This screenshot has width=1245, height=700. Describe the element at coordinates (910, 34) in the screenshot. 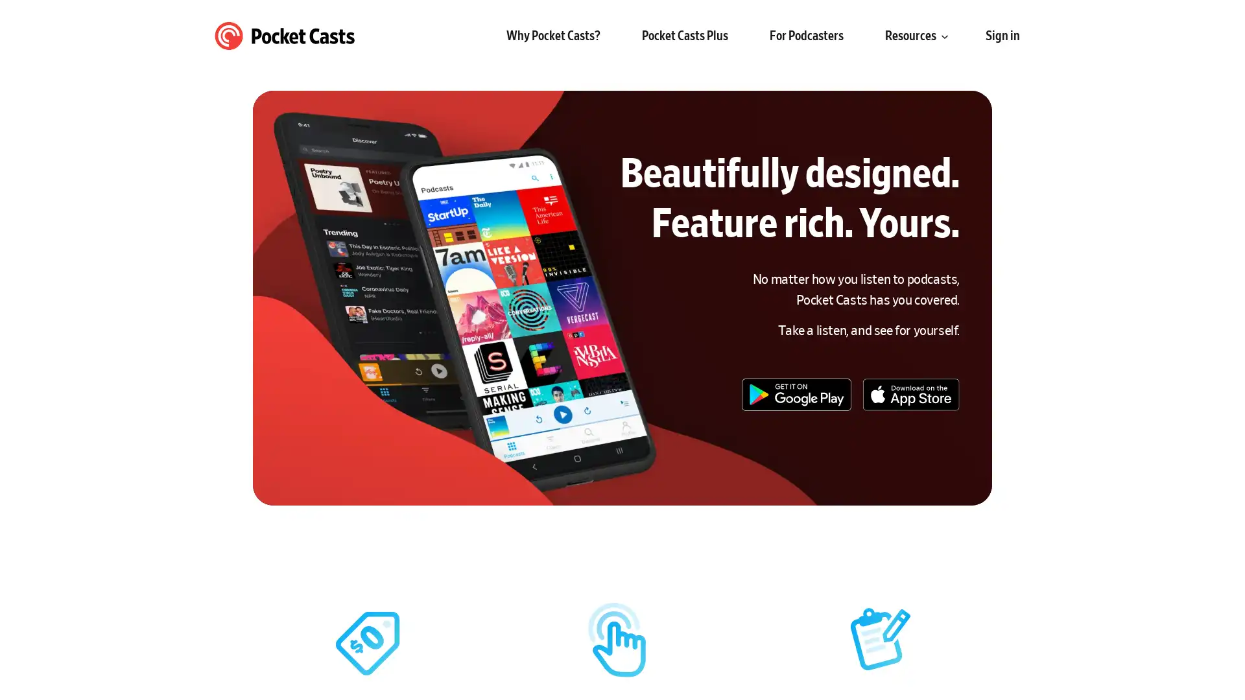

I see `Resources submenu` at that location.